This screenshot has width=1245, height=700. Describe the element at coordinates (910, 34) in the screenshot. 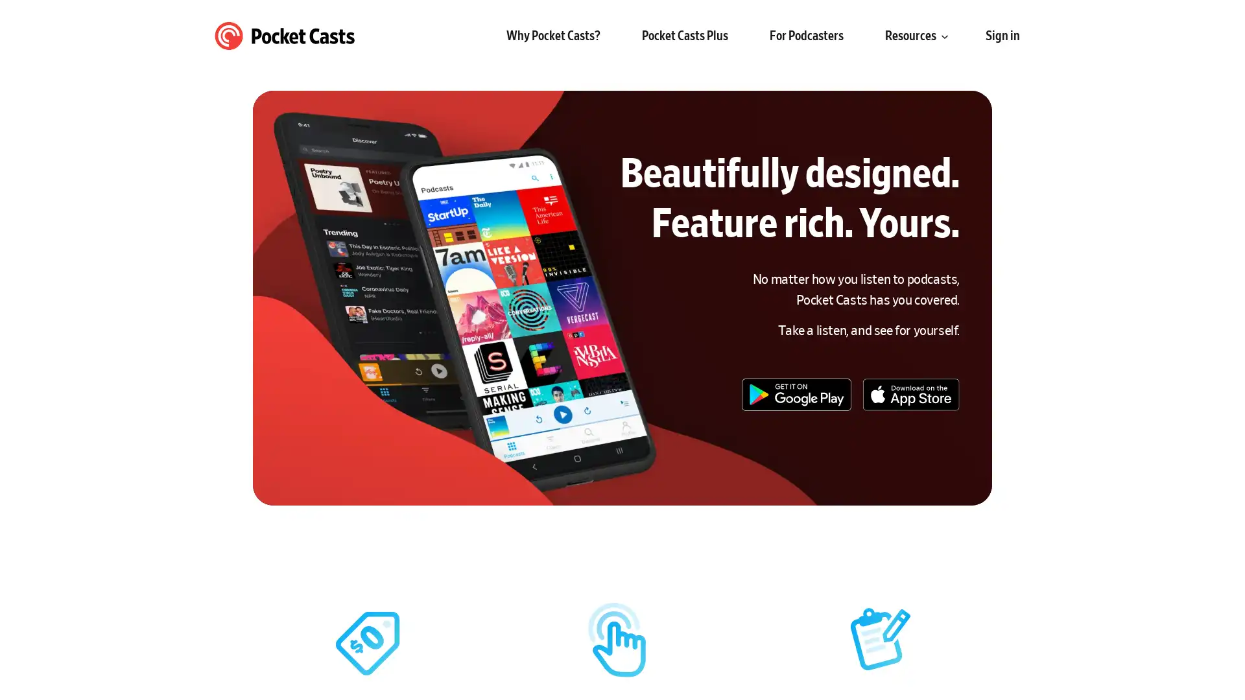

I see `Resources submenu` at that location.